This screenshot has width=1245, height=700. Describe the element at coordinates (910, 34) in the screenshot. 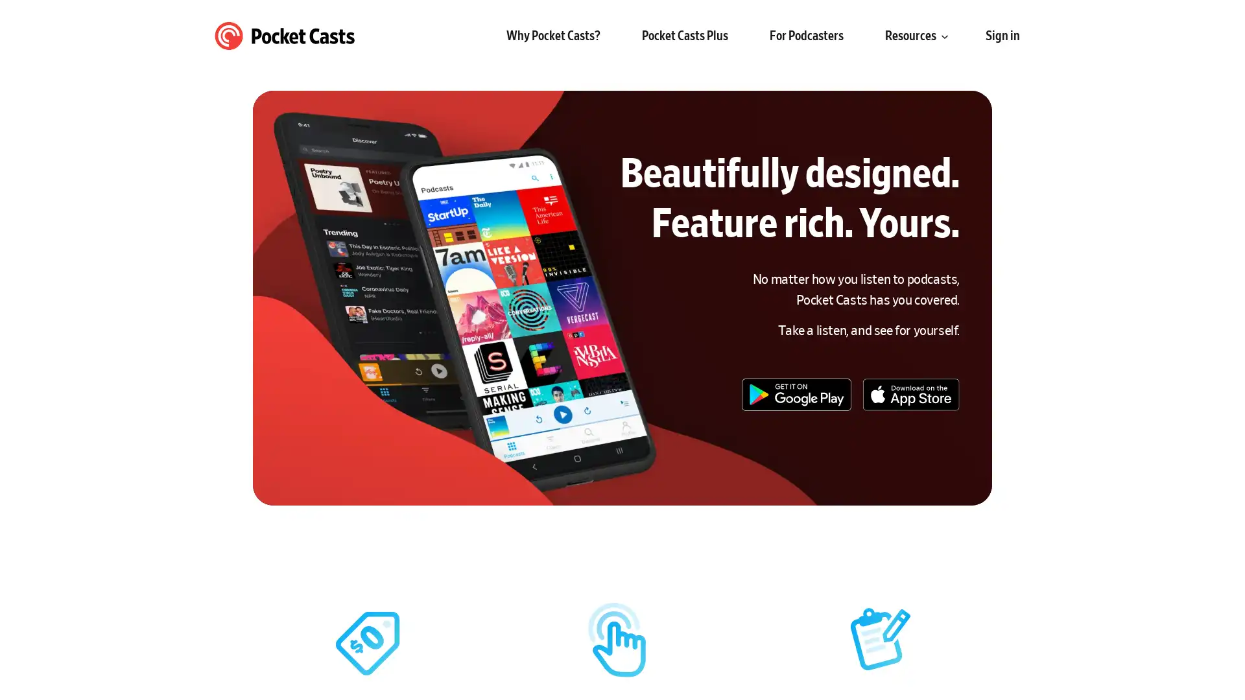

I see `Resources submenu` at that location.